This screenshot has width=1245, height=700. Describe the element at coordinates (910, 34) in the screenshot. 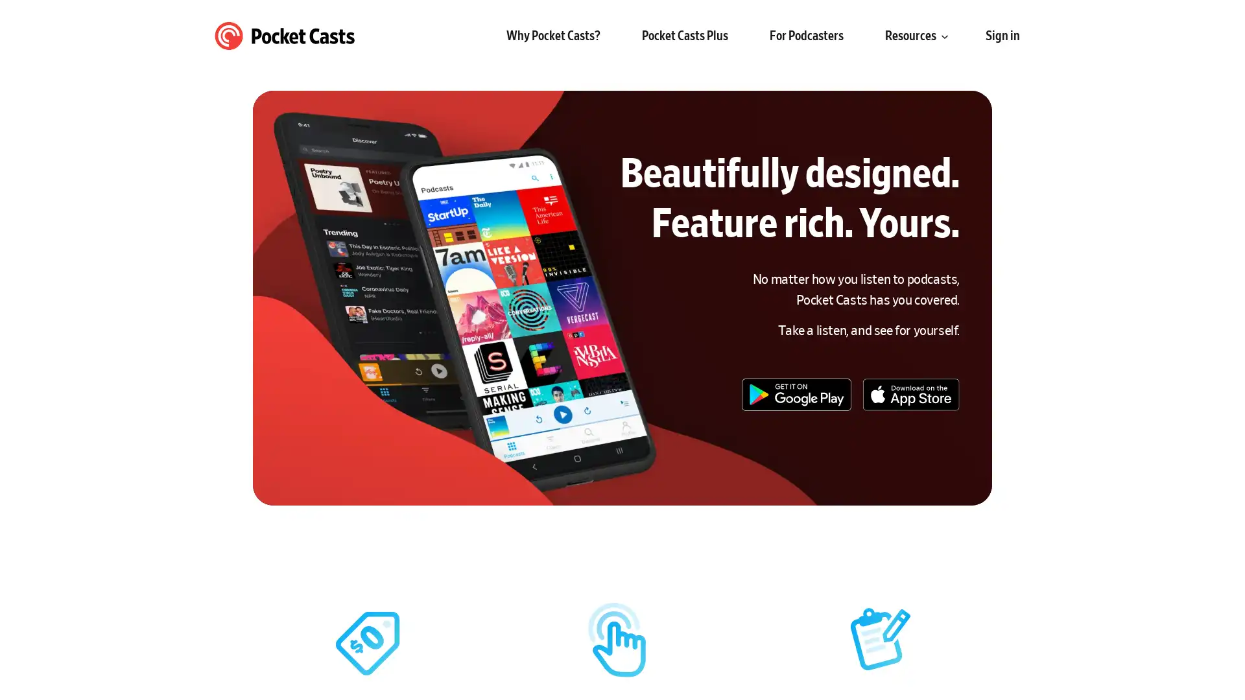

I see `Resources submenu` at that location.